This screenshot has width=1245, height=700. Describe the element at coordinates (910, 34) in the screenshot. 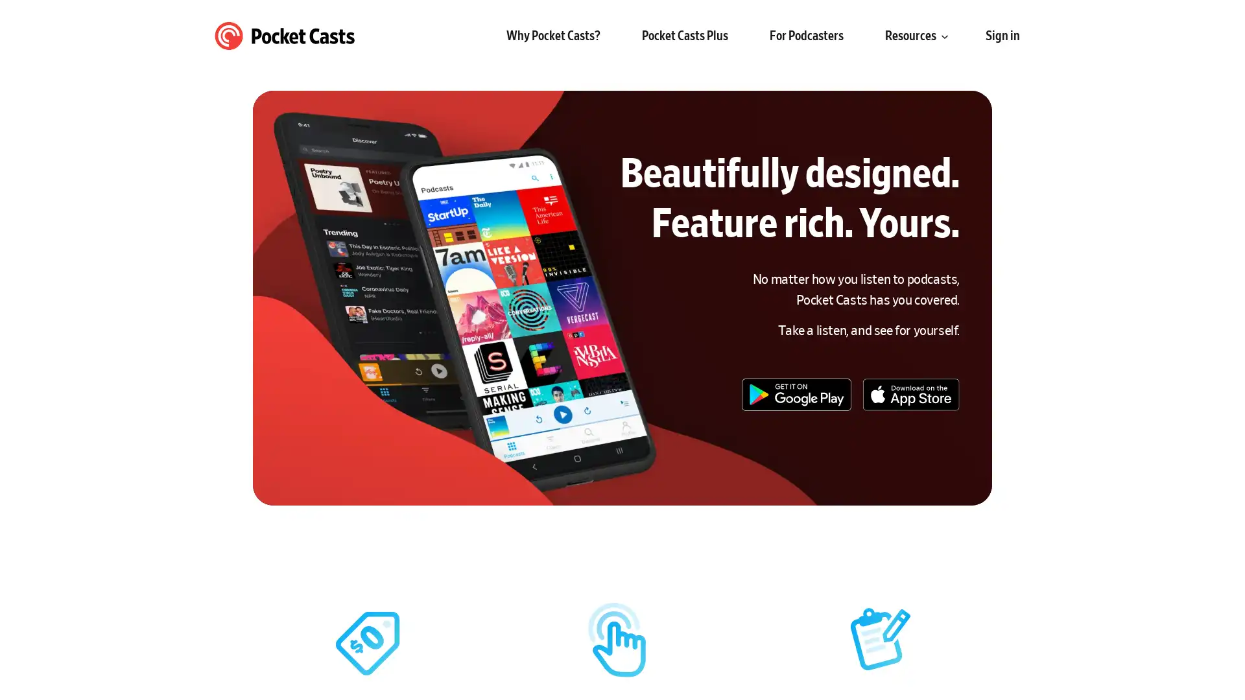

I see `Resources submenu` at that location.